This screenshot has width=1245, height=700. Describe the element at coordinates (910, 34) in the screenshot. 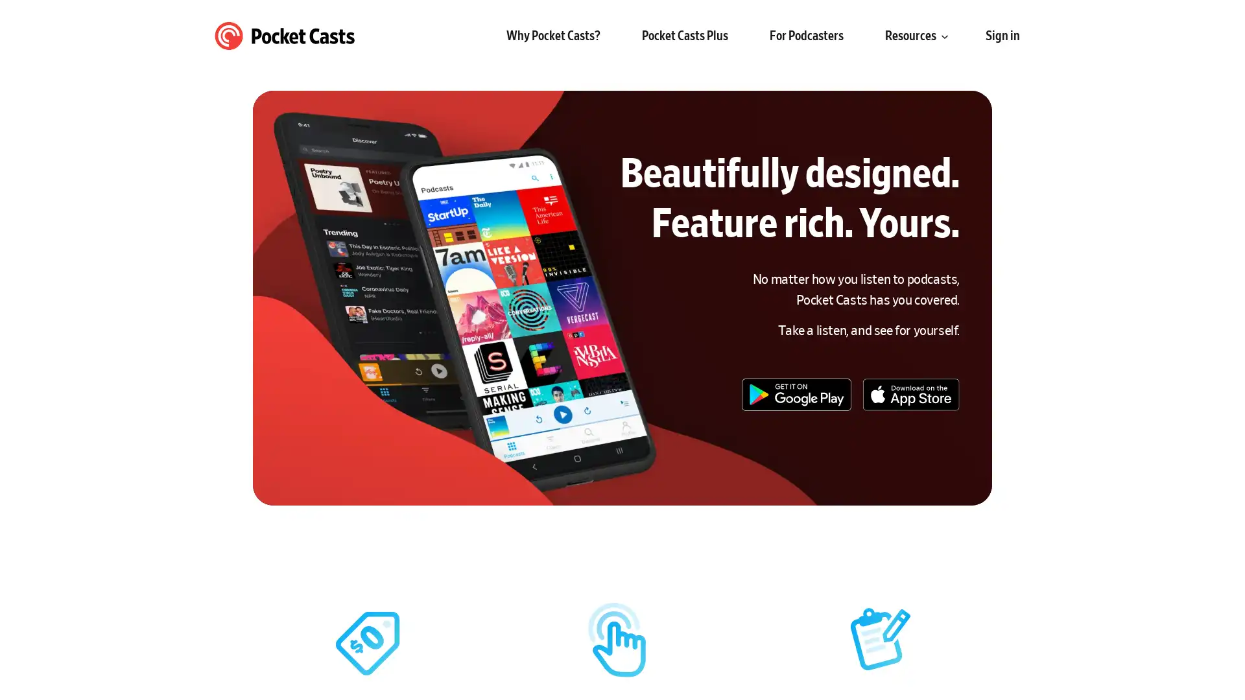

I see `Resources submenu` at that location.